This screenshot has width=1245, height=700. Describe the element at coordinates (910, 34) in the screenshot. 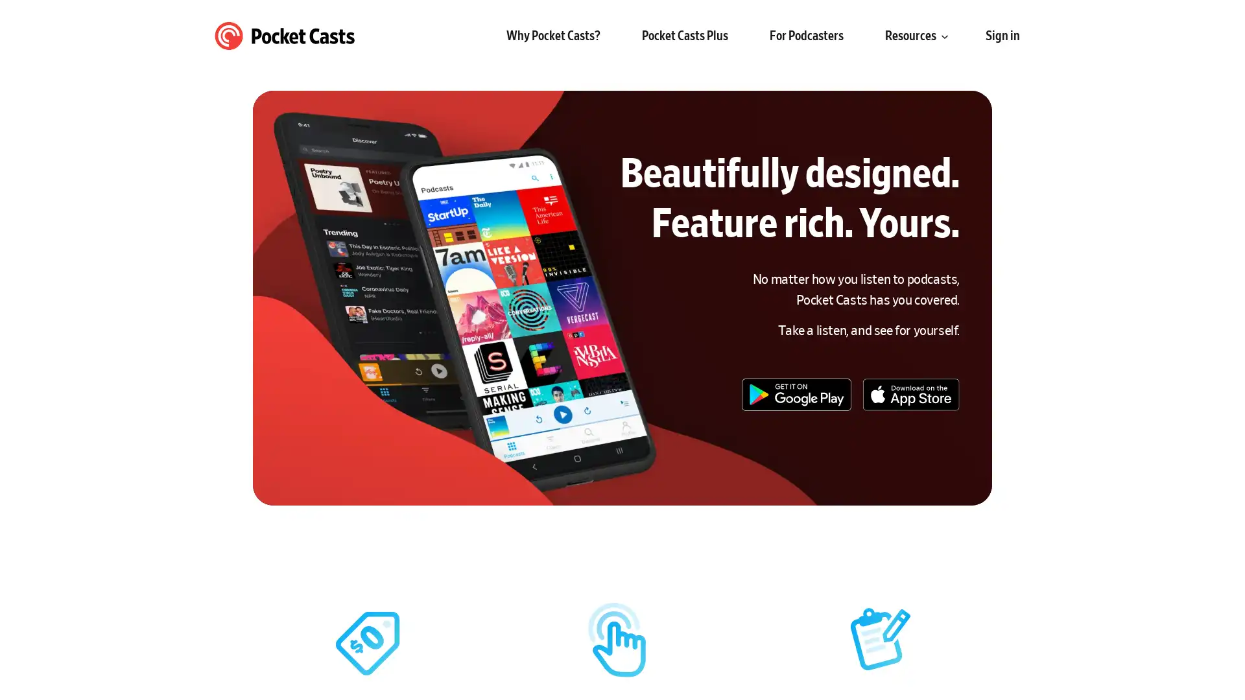

I see `Resources submenu` at that location.